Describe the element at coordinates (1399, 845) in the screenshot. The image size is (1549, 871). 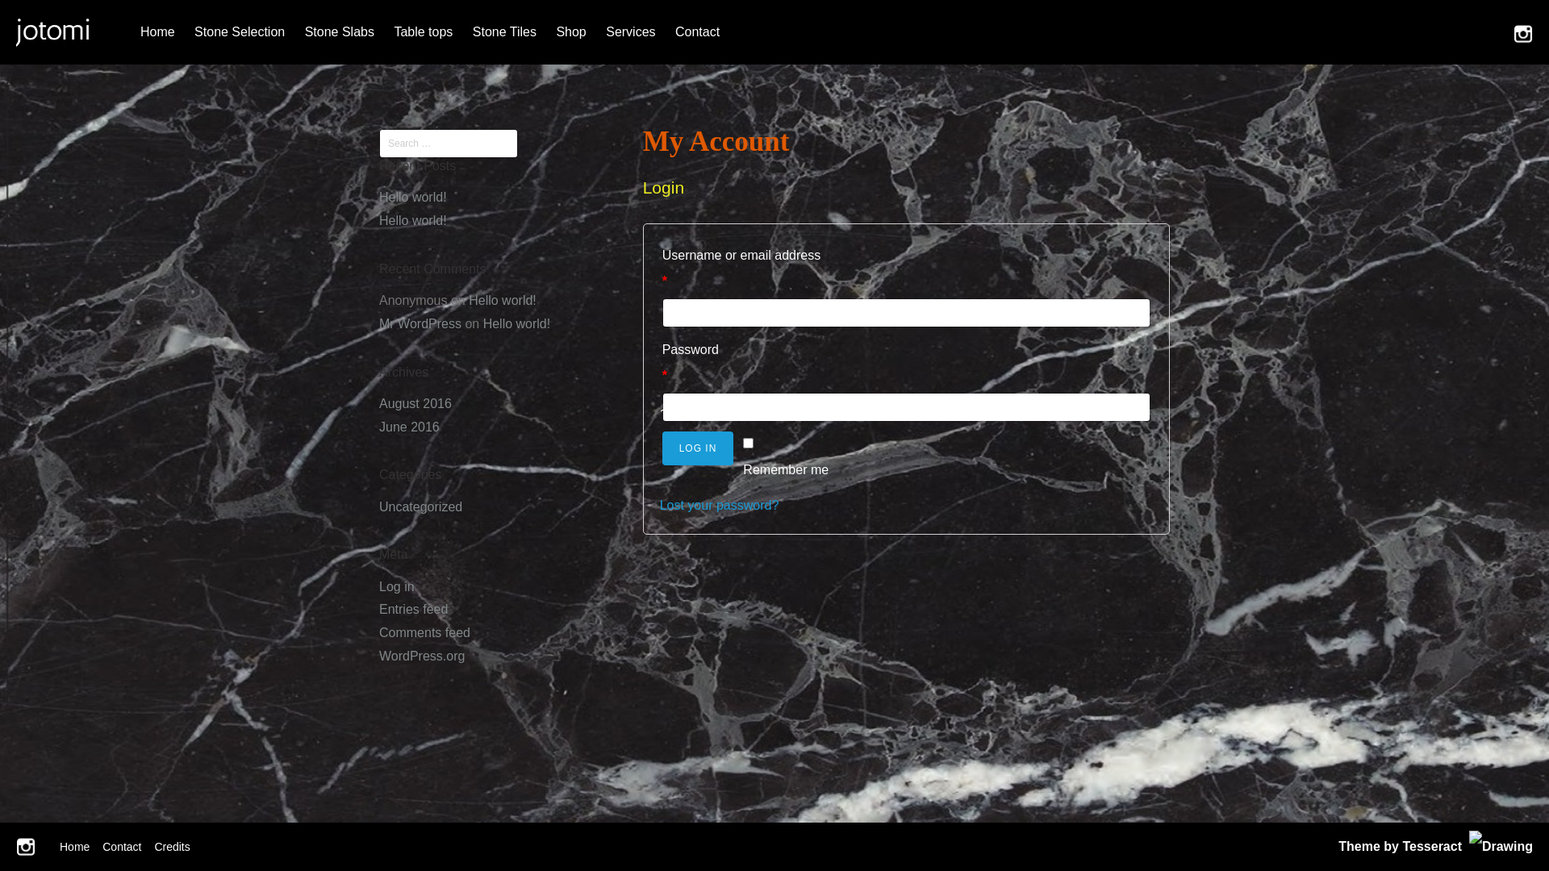
I see `'Theme by Tesseract'` at that location.